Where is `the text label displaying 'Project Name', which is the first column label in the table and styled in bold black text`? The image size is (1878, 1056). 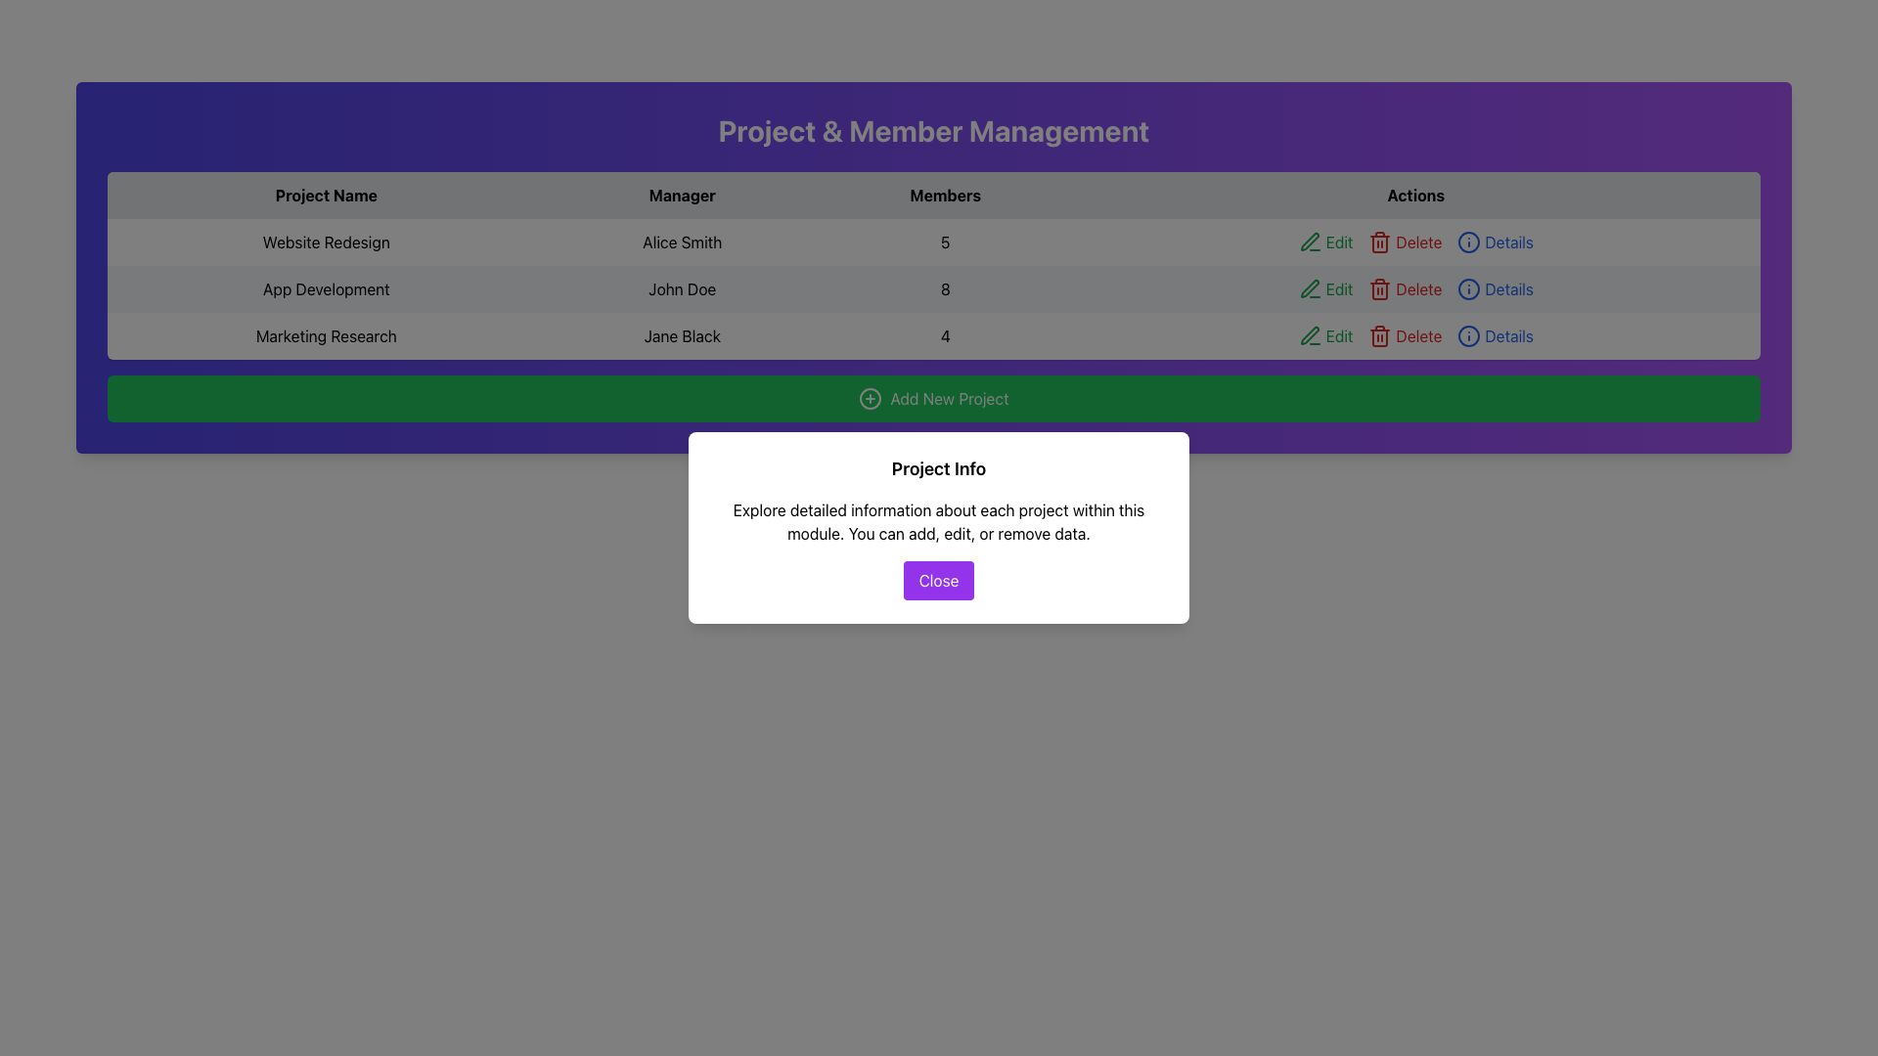
the text label displaying 'Project Name', which is the first column label in the table and styled in bold black text is located at coordinates (326, 196).